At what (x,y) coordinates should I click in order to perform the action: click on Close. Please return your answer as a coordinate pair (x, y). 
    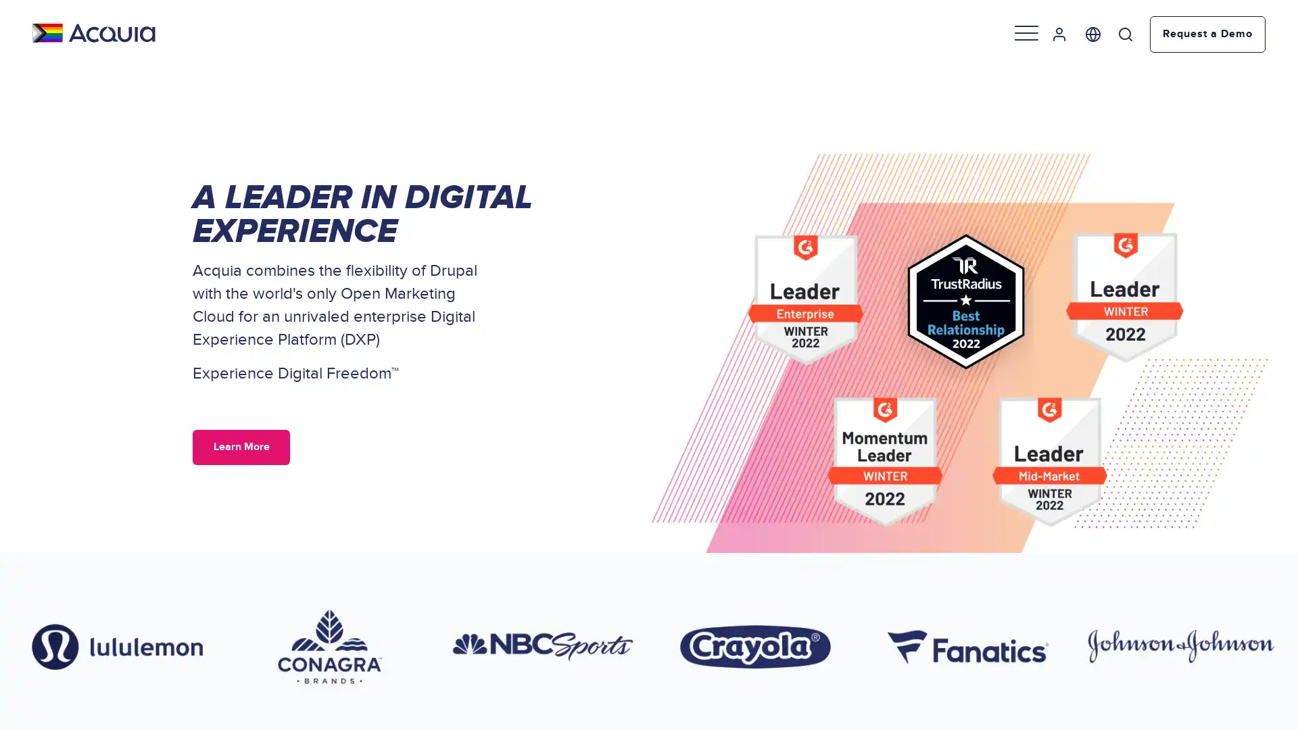
    Looking at the image, I should click on (247, 542).